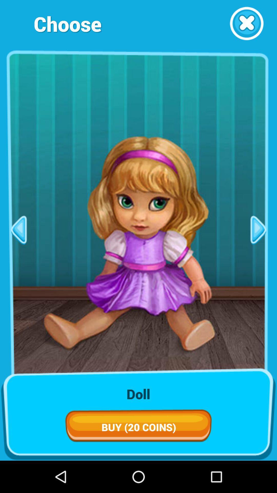 This screenshot has width=277, height=493. What do you see at coordinates (246, 25) in the screenshot?
I see `the close icon` at bounding box center [246, 25].